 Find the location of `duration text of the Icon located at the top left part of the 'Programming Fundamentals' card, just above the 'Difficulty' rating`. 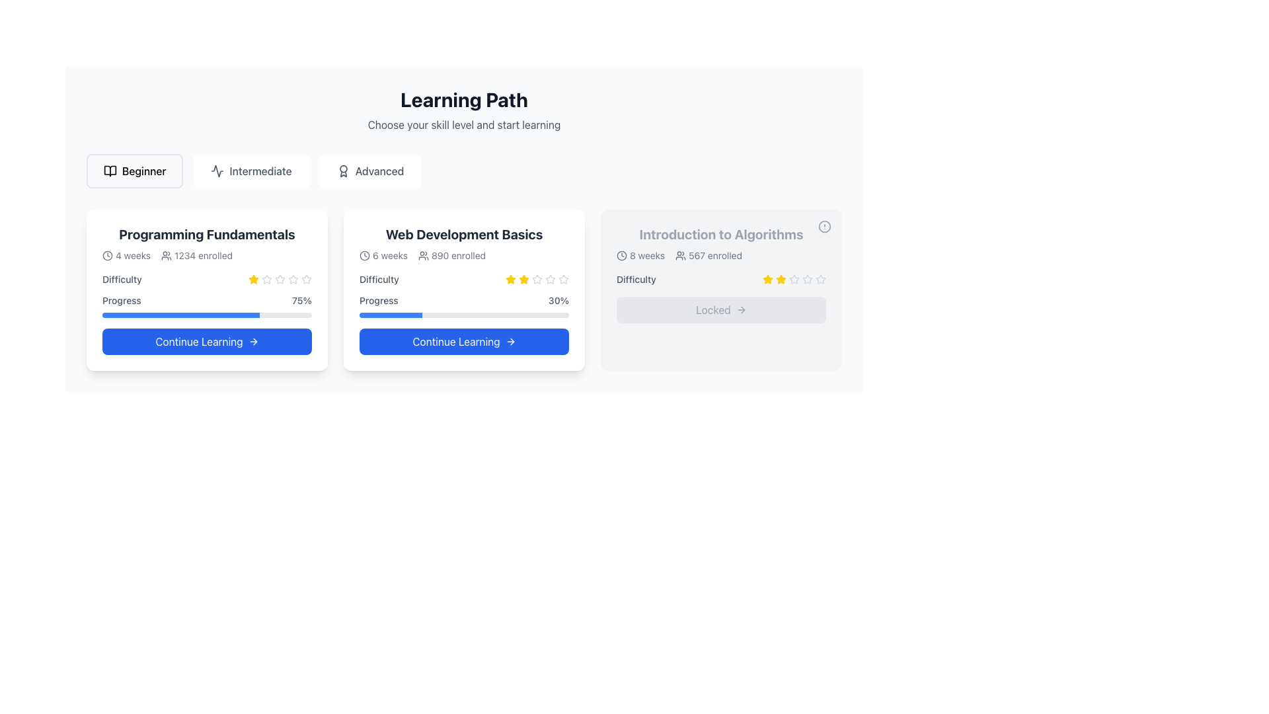

duration text of the Icon located at the top left part of the 'Programming Fundamentals' card, just above the 'Difficulty' rating is located at coordinates (126, 255).